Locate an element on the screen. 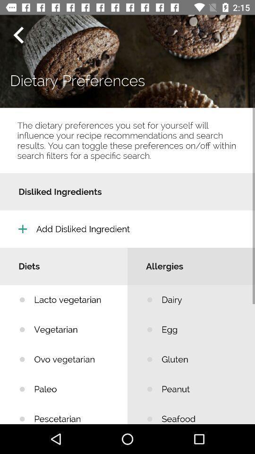 The image size is (255, 454). peanut is located at coordinates (201, 389).